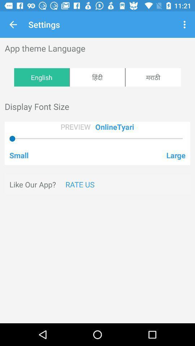 The image size is (195, 346). What do you see at coordinates (79, 184) in the screenshot?
I see `rate us item` at bounding box center [79, 184].